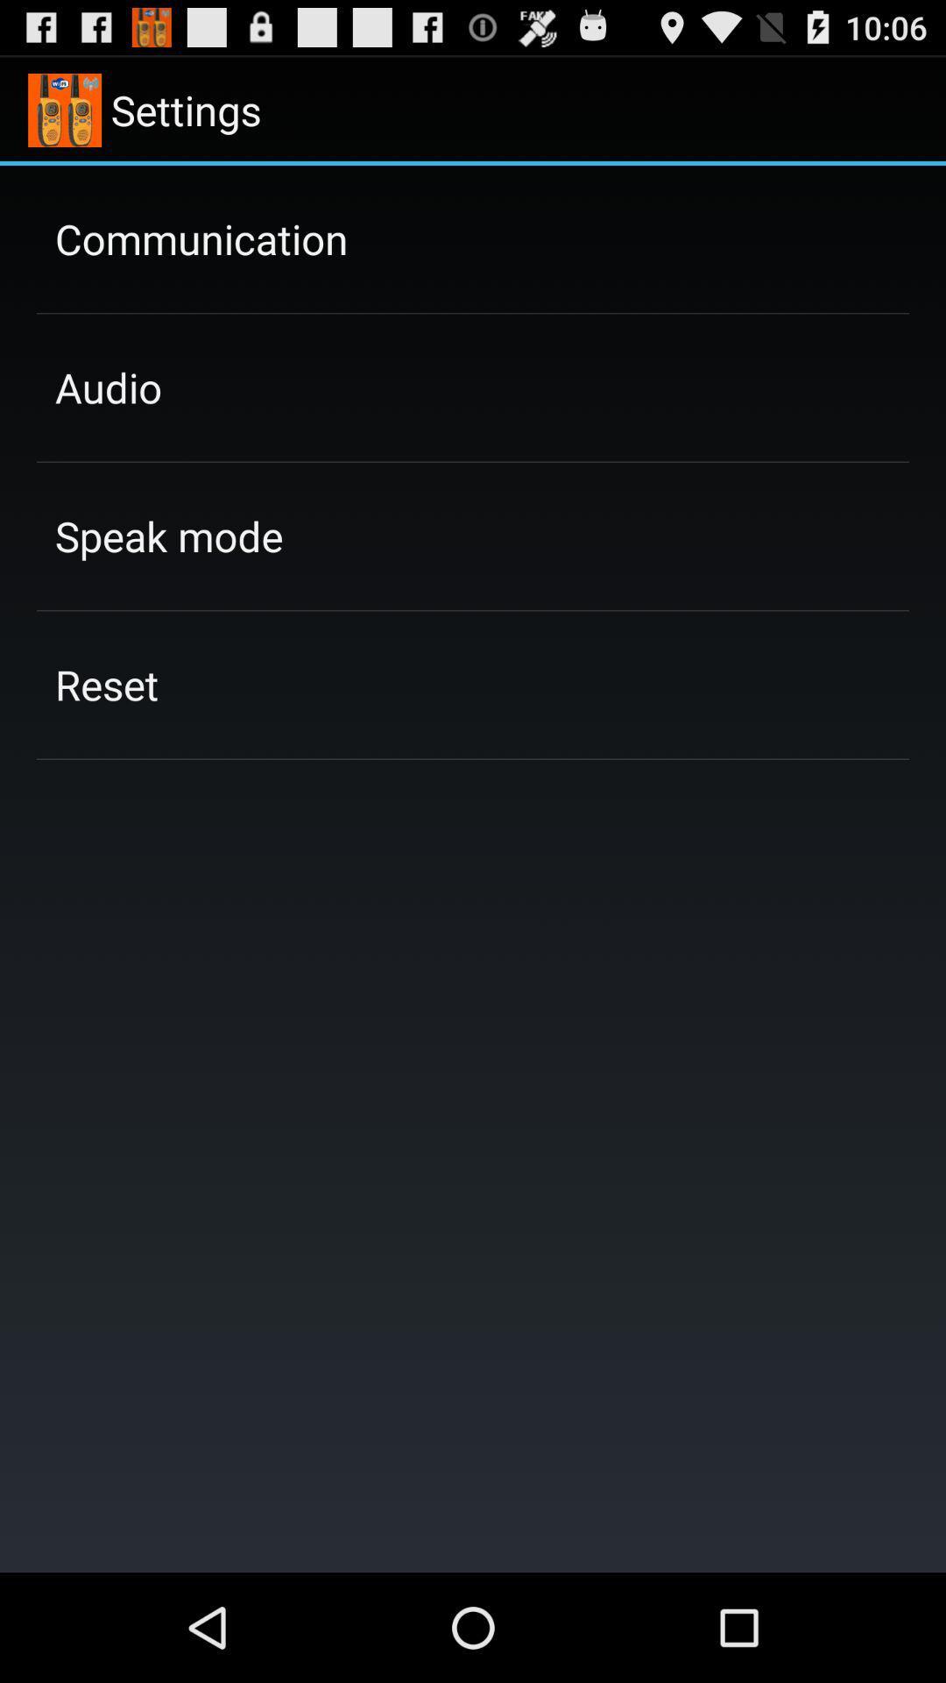 The width and height of the screenshot is (946, 1683). I want to click on the reset app, so click(107, 684).